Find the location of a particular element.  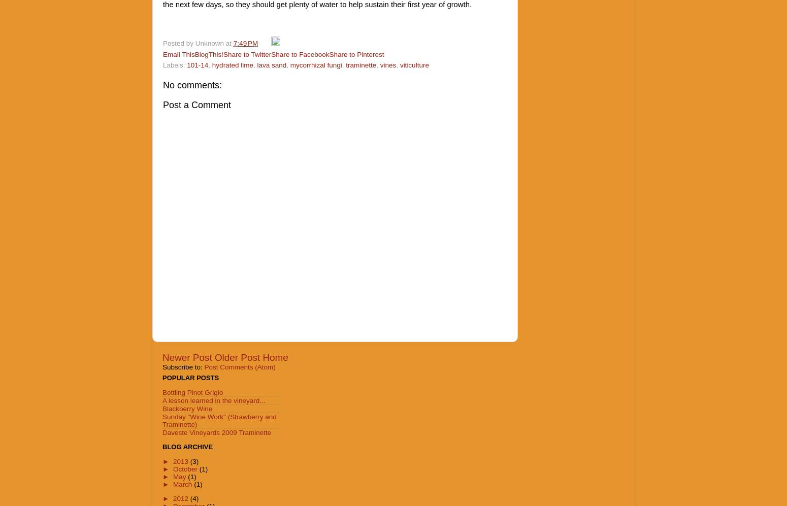

'March' is located at coordinates (182, 483).